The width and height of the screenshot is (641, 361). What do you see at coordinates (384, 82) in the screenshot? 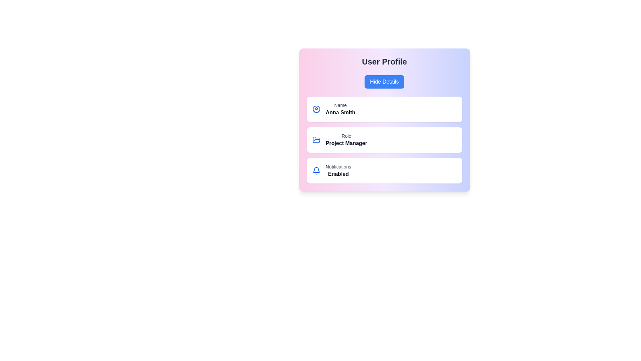
I see `the prominent blue button with white text labeled 'Hide Details' to hide the details` at bounding box center [384, 82].